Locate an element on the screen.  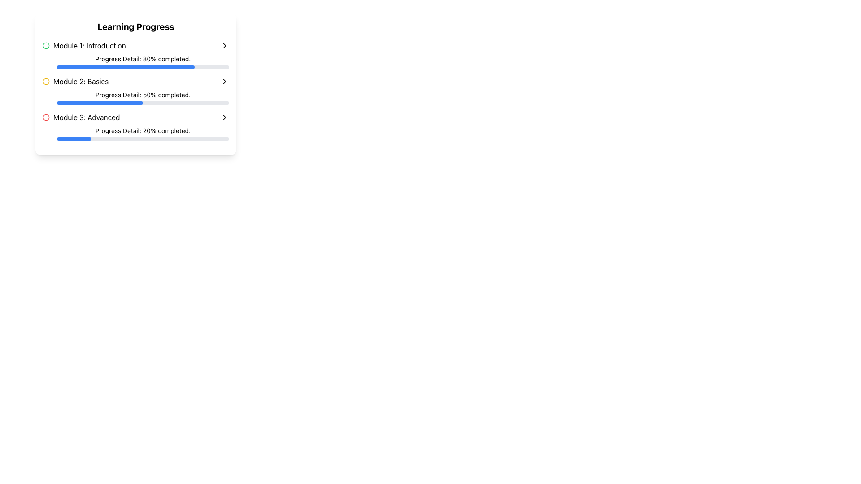
the Progress Bar indicating 20% completion for 'Module 3: Advanced' is located at coordinates (74, 138).